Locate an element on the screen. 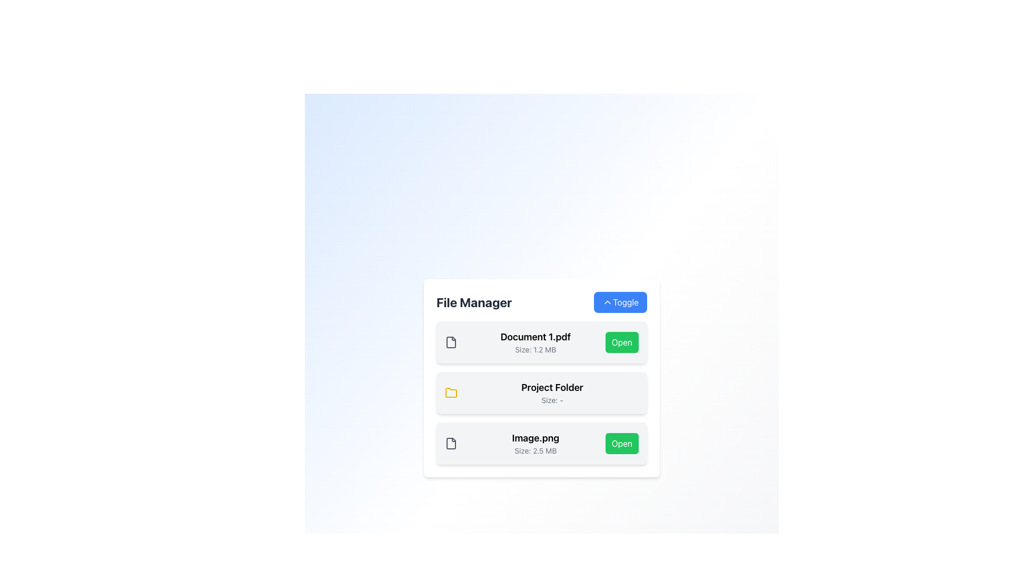 The image size is (1011, 569). the 'Open' button, which is a rectangular button with rounded edges, green background, and white text, located to the right of the 'Image.png' label in the file listing is located at coordinates (621, 443).